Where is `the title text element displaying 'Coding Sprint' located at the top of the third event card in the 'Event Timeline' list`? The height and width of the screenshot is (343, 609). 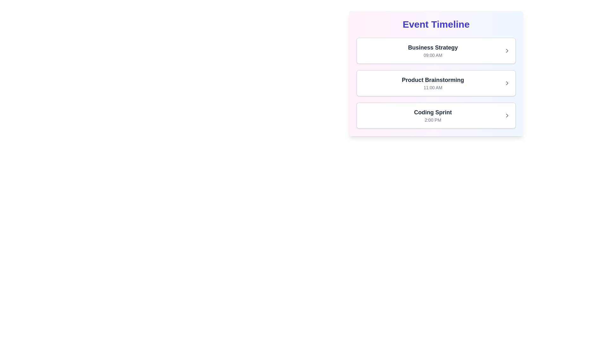
the title text element displaying 'Coding Sprint' located at the top of the third event card in the 'Event Timeline' list is located at coordinates (432, 112).